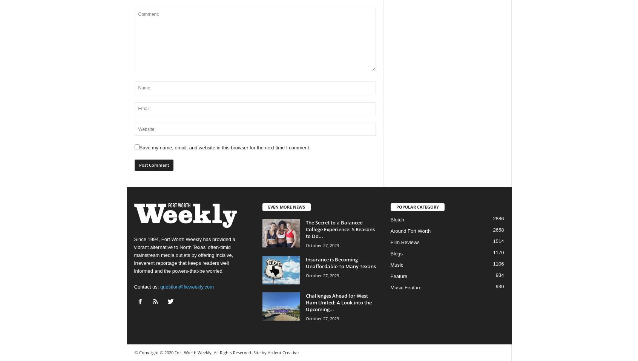 The width and height of the screenshot is (638, 361). I want to click on 'Film Reviews', so click(405, 241).